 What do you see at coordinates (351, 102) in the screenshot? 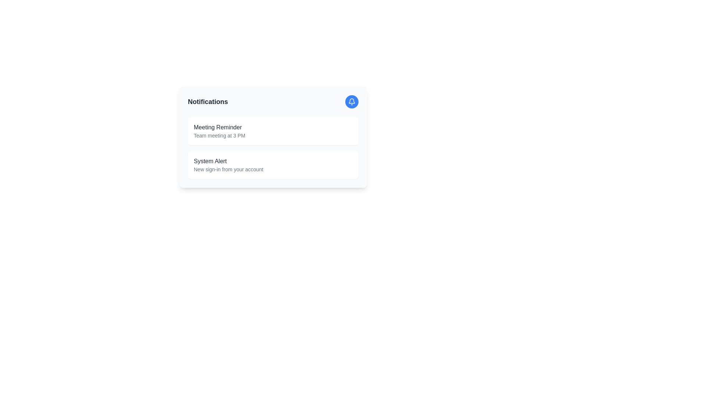
I see `the notification indicator icon located at the top-right corner of the notification summary interface` at bounding box center [351, 102].